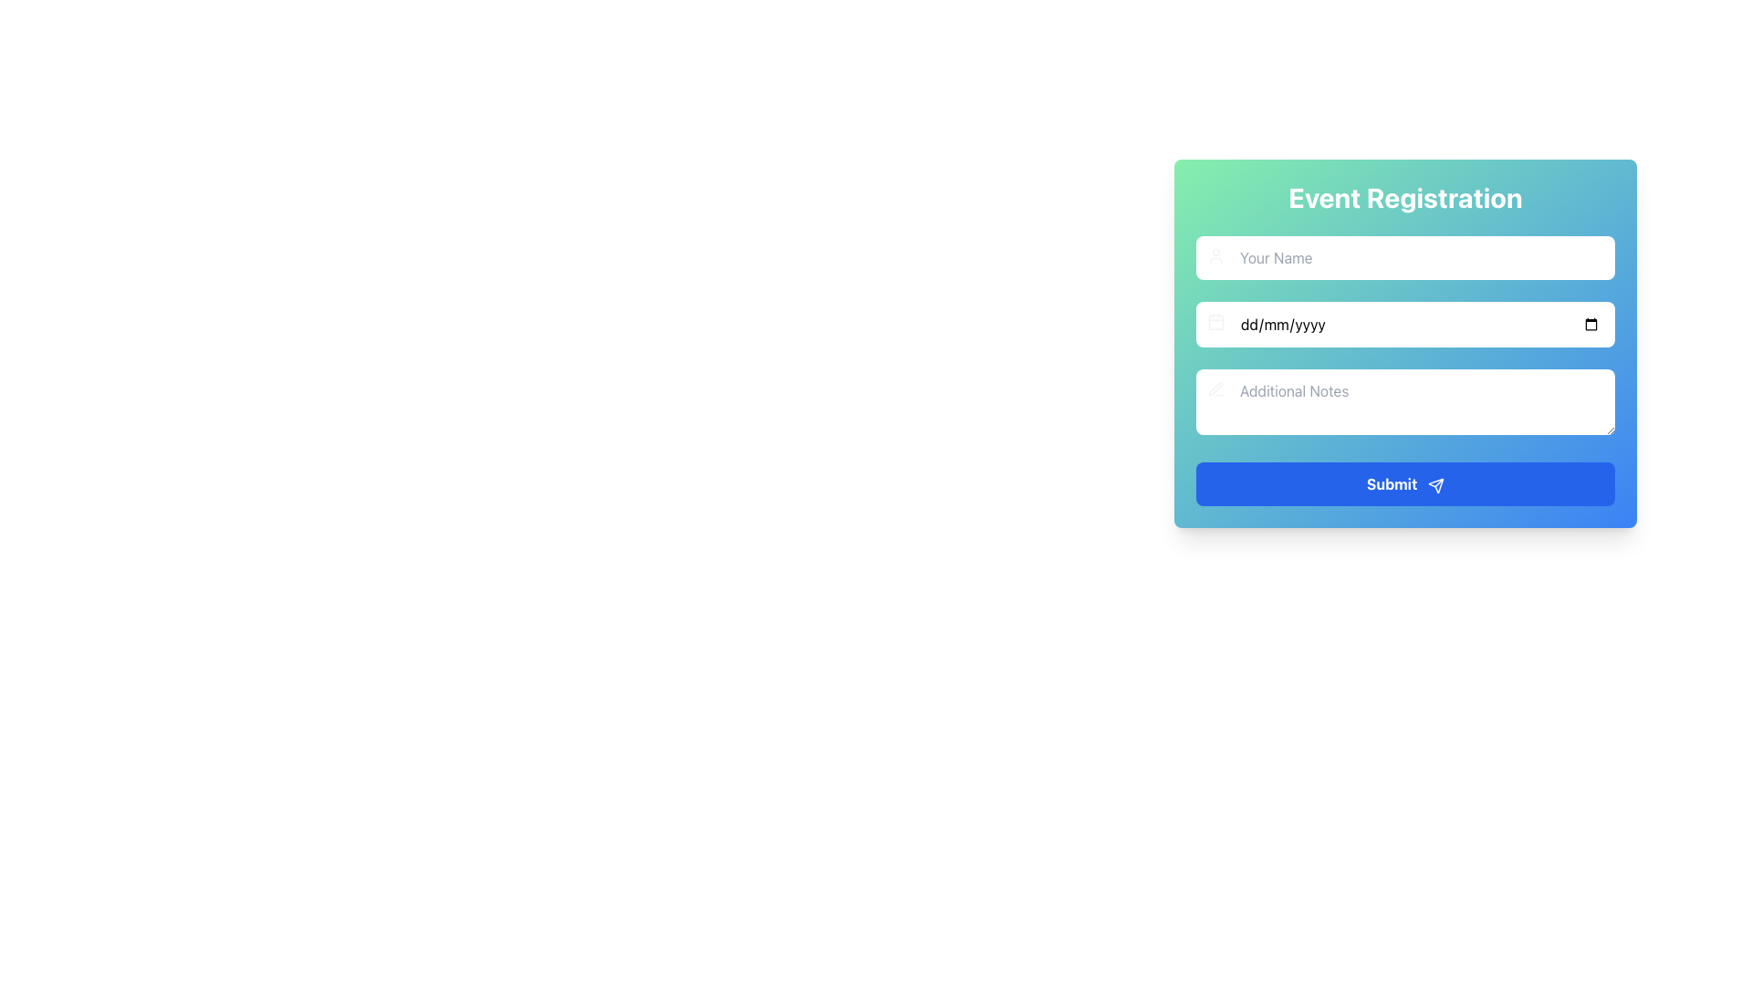 The image size is (1752, 985). Describe the element at coordinates (1404, 483) in the screenshot. I see `the form submission button located at the bottom of the form, below the 'Additional Notes' input field` at that location.